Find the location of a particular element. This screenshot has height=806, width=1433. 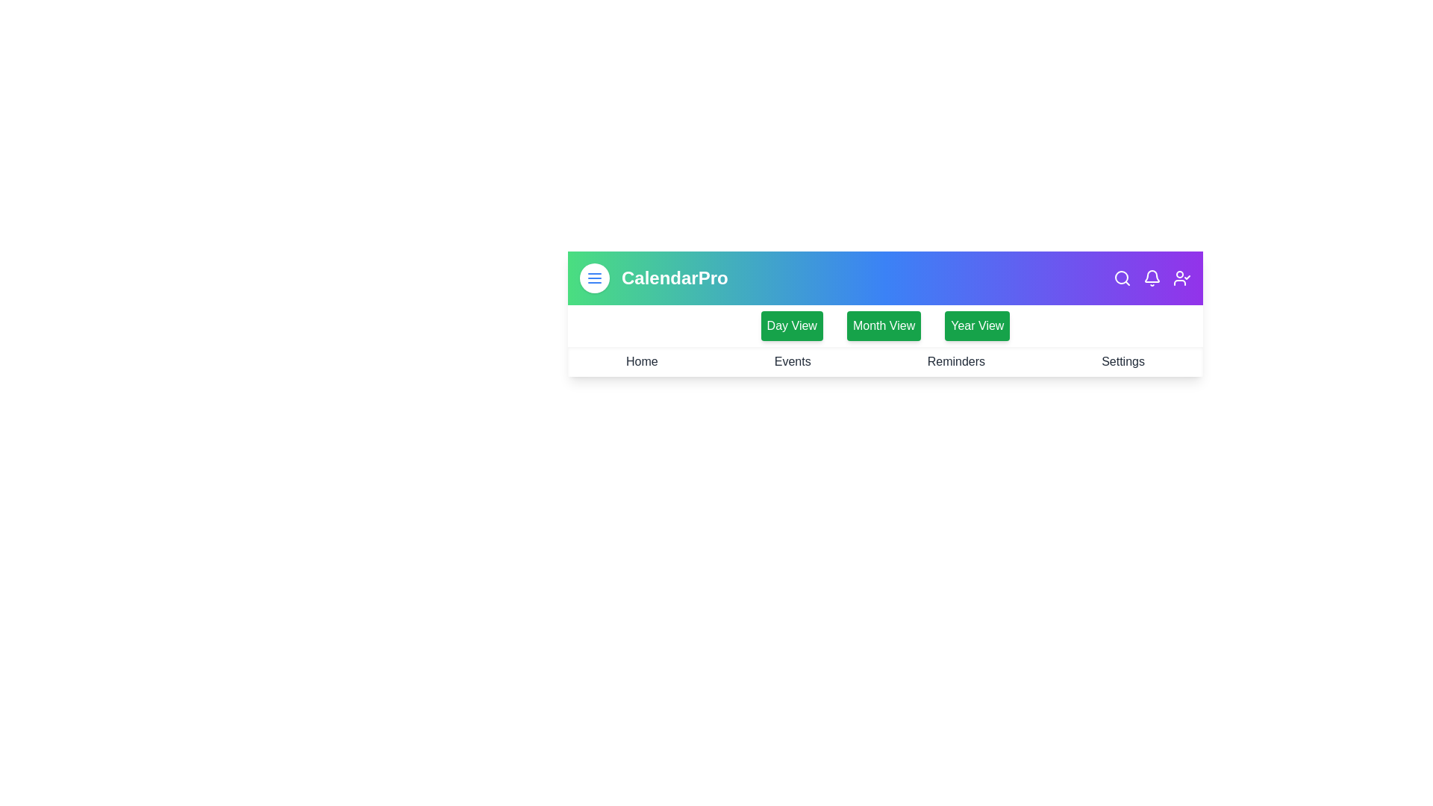

the navigation link labeled Events is located at coordinates (791, 362).